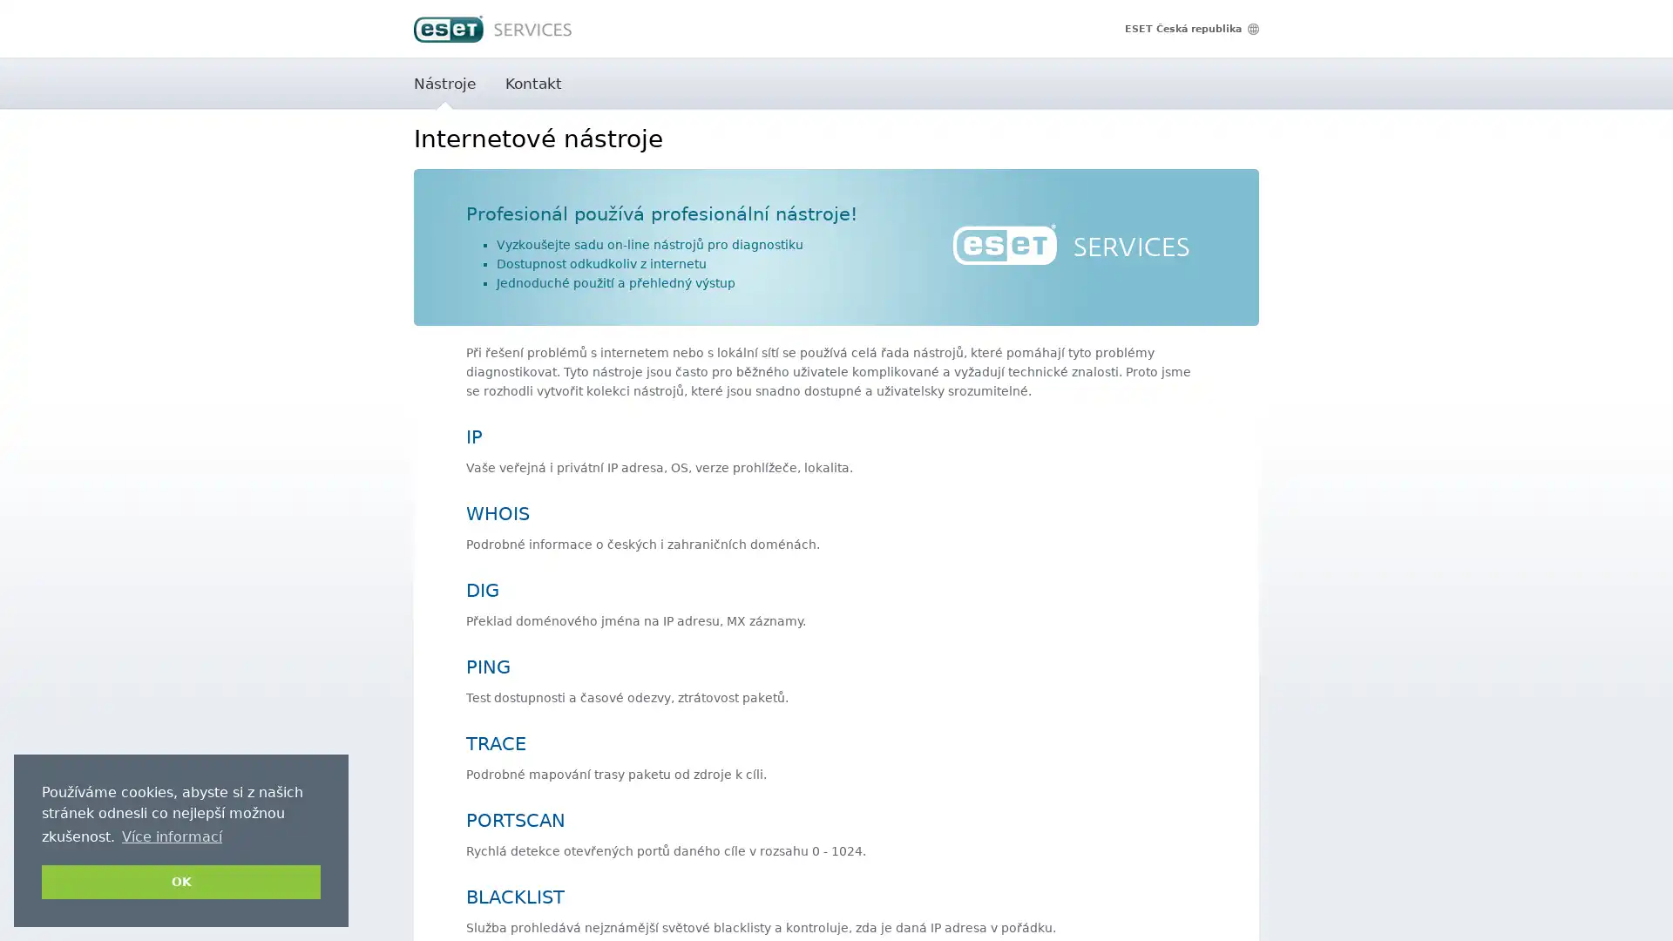 The image size is (1673, 941). What do you see at coordinates (172, 836) in the screenshot?
I see `learn more about cookies` at bounding box center [172, 836].